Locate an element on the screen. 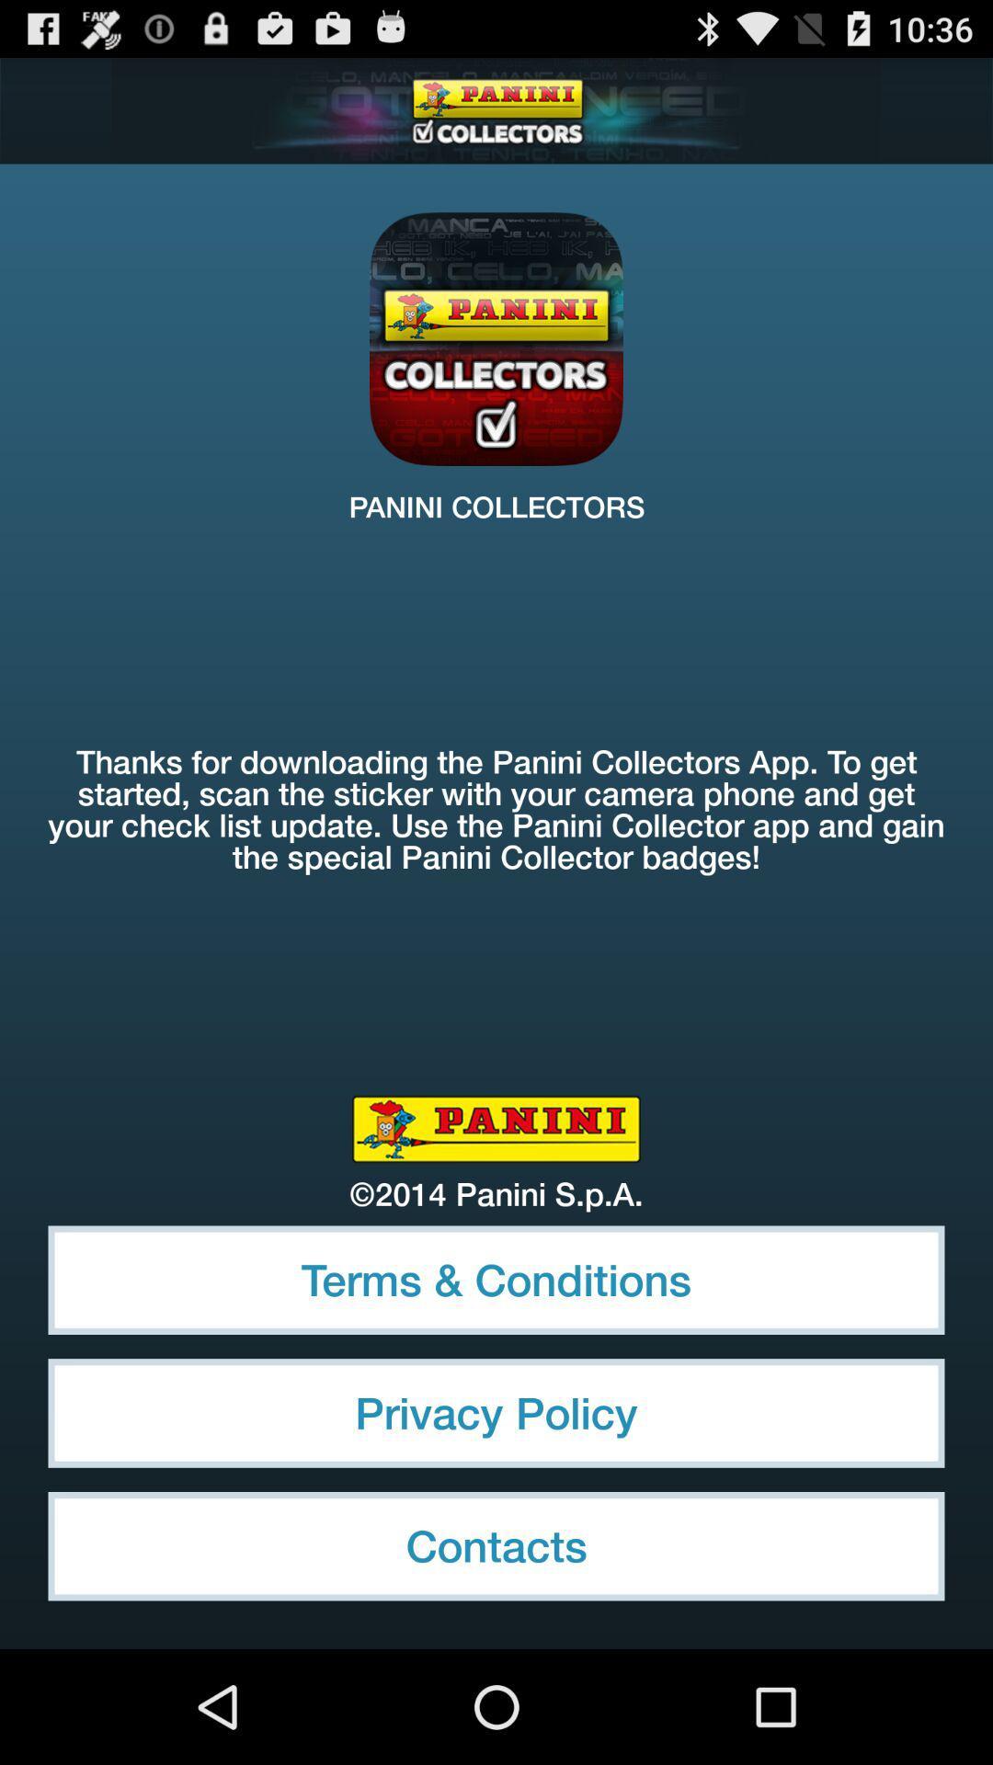 The image size is (993, 1765). item below the 2014 panini s is located at coordinates (496, 1279).